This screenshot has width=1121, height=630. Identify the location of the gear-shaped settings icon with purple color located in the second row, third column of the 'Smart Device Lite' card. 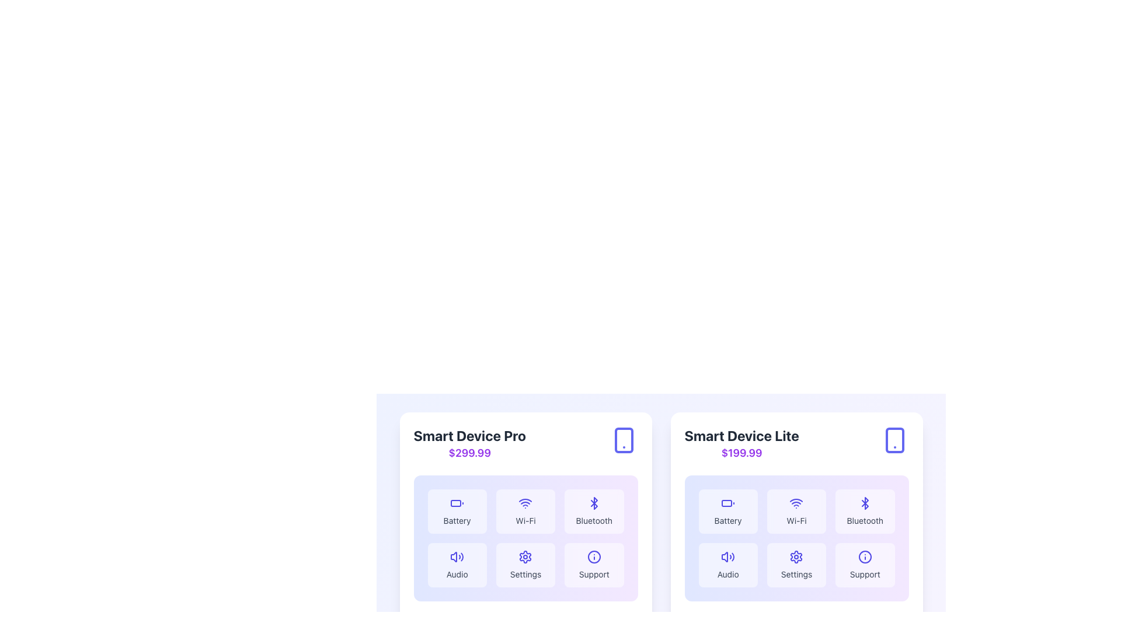
(796, 556).